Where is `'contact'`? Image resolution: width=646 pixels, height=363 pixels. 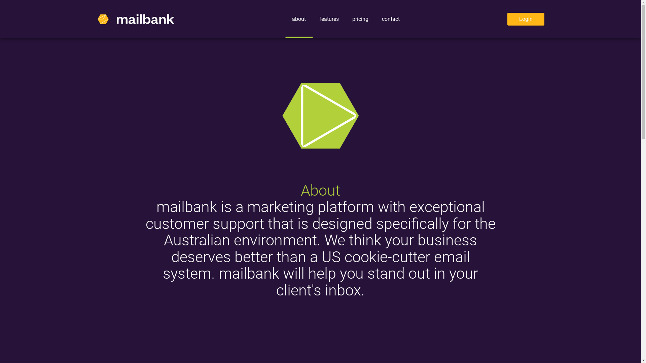
'contact' is located at coordinates (374, 19).